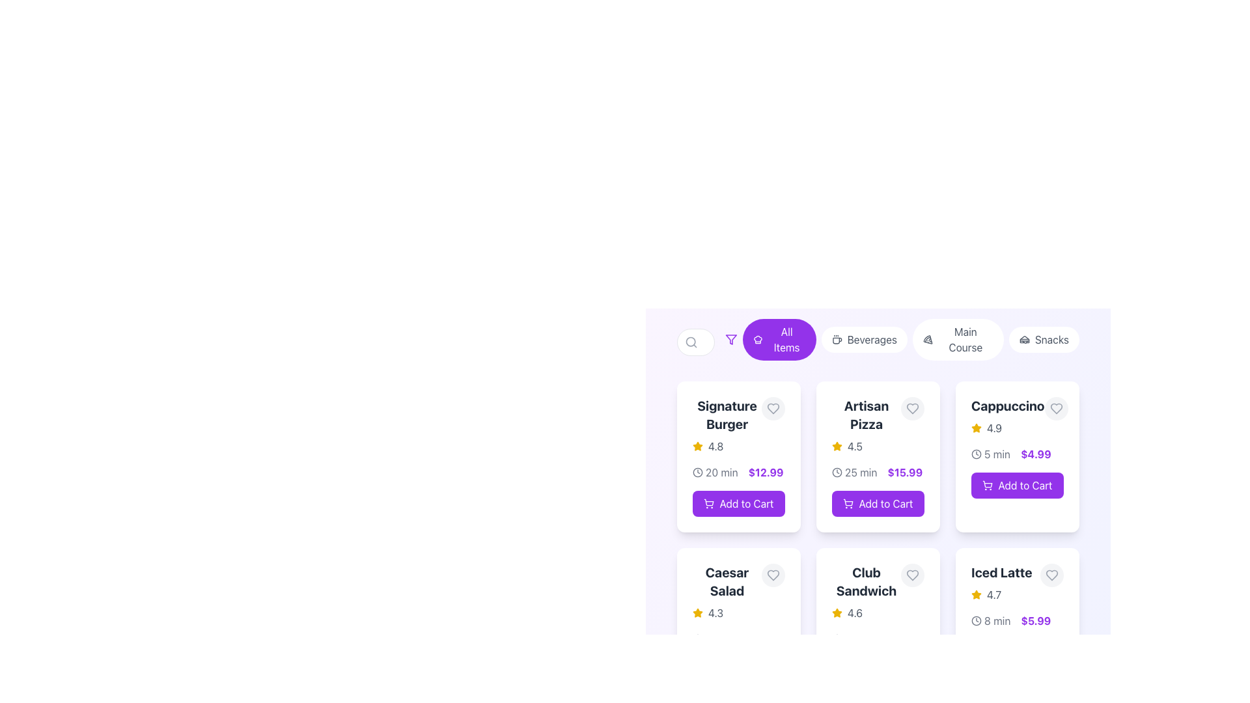 The height and width of the screenshot is (703, 1250). Describe the element at coordinates (697, 613) in the screenshot. I see `the Star icon representing the rating system located at the top-left corner of the product card near the text '4.3'` at that location.